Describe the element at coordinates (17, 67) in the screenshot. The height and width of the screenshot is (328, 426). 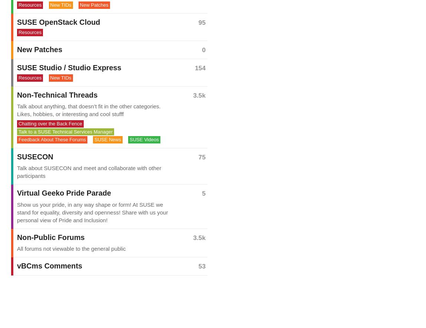
I see `'SUSE Studio / Studio Express'` at that location.